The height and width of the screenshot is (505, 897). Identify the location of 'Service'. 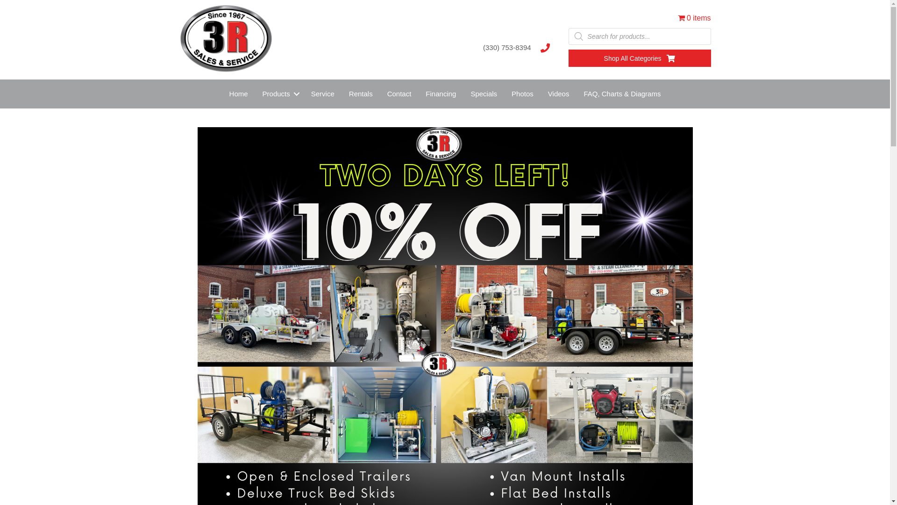
(323, 94).